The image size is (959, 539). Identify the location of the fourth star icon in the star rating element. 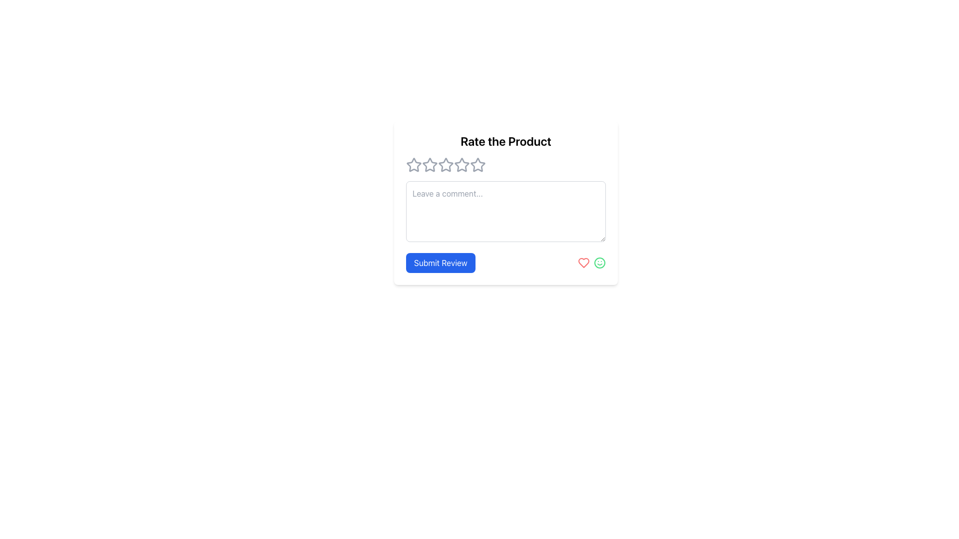
(445, 165).